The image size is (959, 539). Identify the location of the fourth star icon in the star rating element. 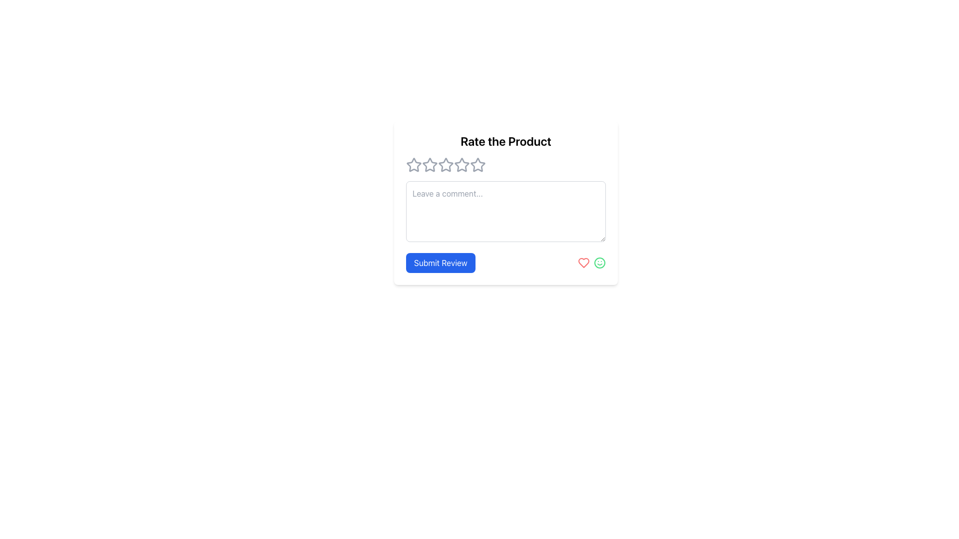
(445, 165).